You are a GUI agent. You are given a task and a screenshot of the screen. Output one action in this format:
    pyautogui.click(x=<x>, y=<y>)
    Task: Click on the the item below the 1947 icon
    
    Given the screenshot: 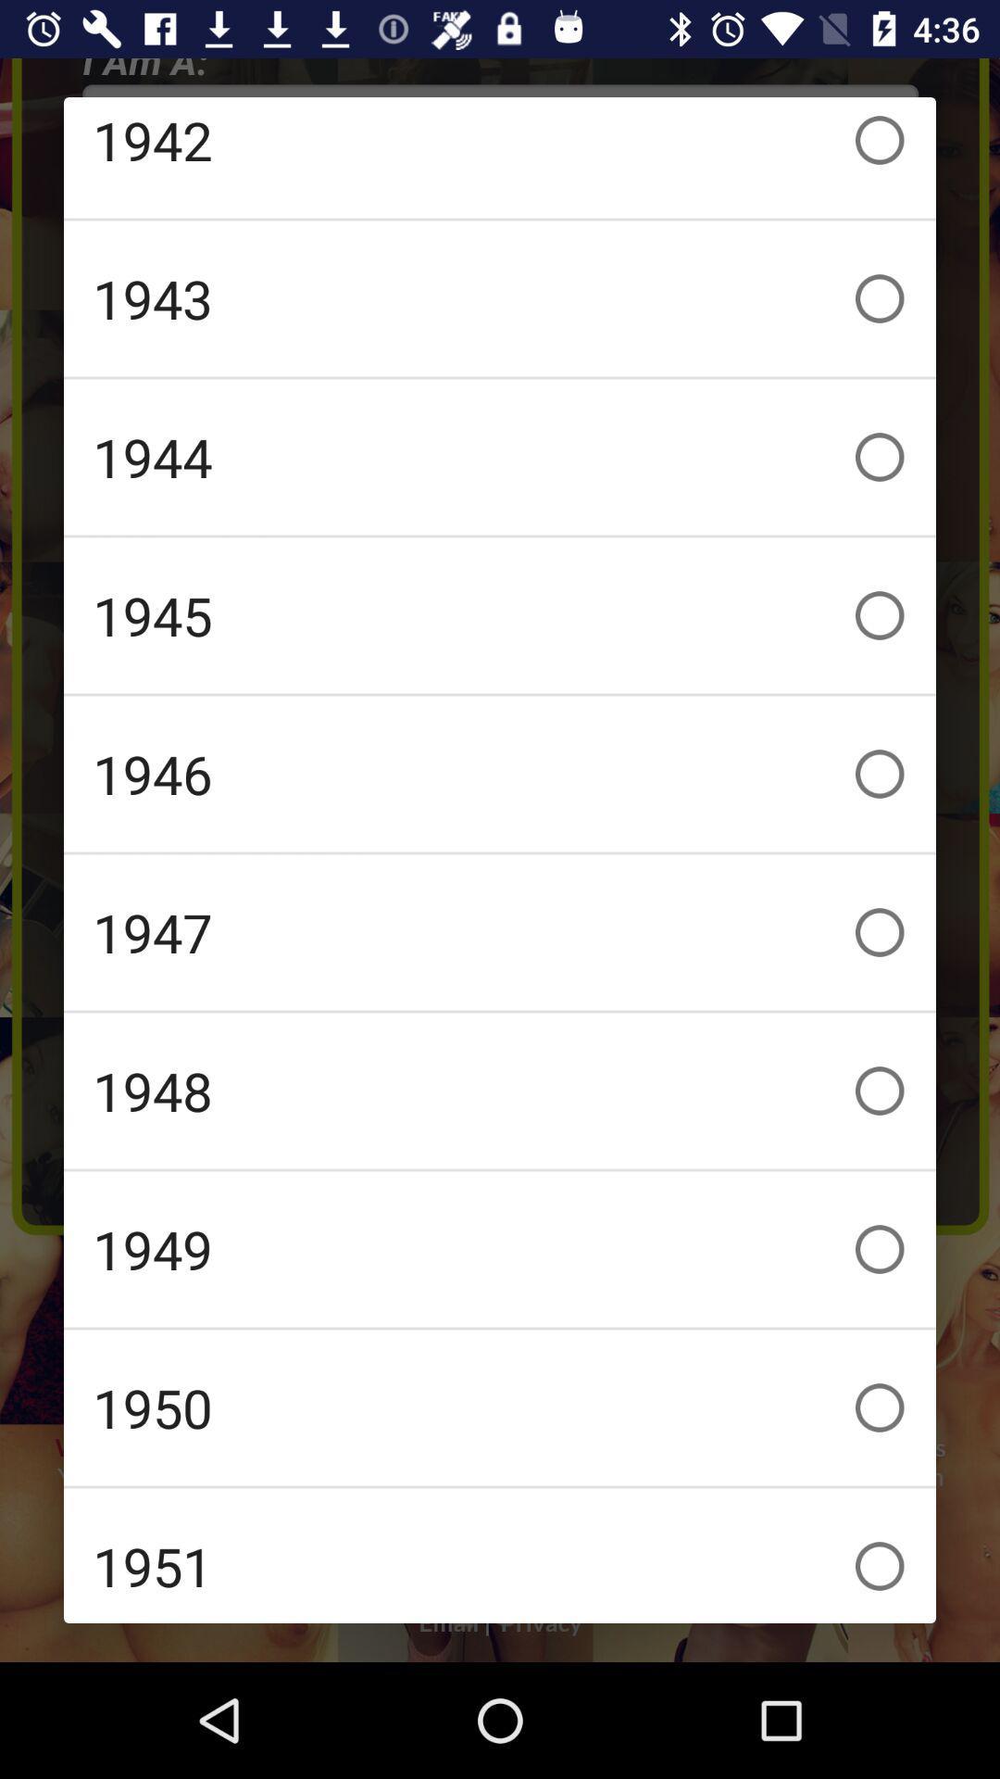 What is the action you would take?
    pyautogui.click(x=500, y=1091)
    